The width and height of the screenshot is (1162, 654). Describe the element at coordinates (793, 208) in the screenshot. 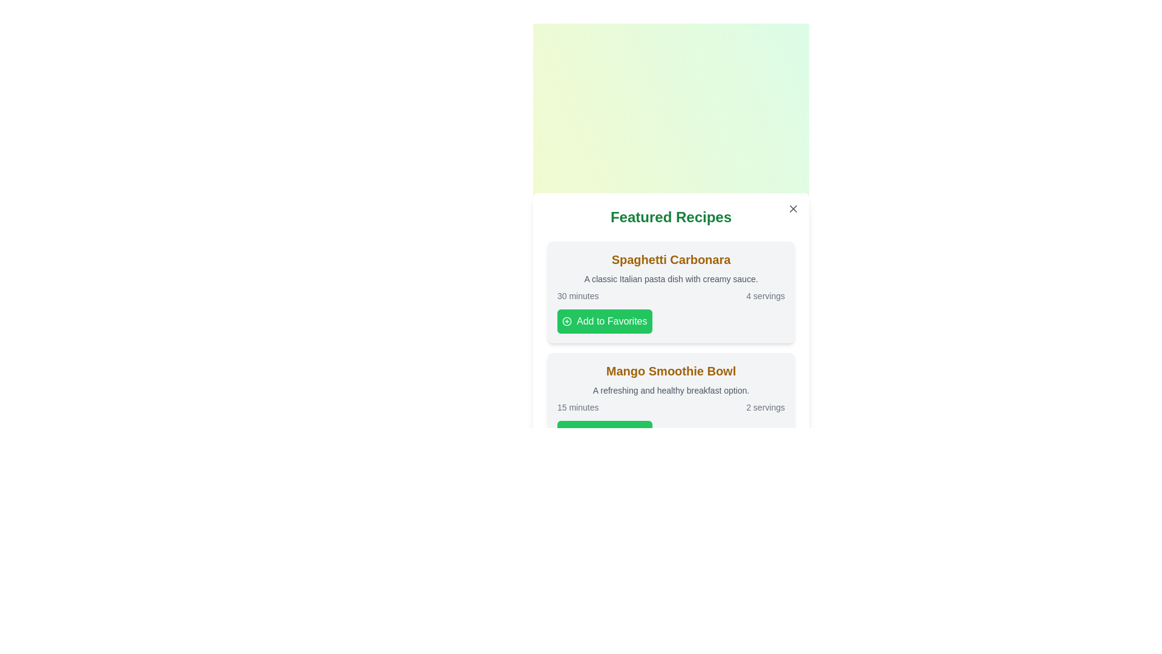

I see `the diagonal line segment of the 'X' shape that represents the close icon within the 'Featured Recipes' card` at that location.